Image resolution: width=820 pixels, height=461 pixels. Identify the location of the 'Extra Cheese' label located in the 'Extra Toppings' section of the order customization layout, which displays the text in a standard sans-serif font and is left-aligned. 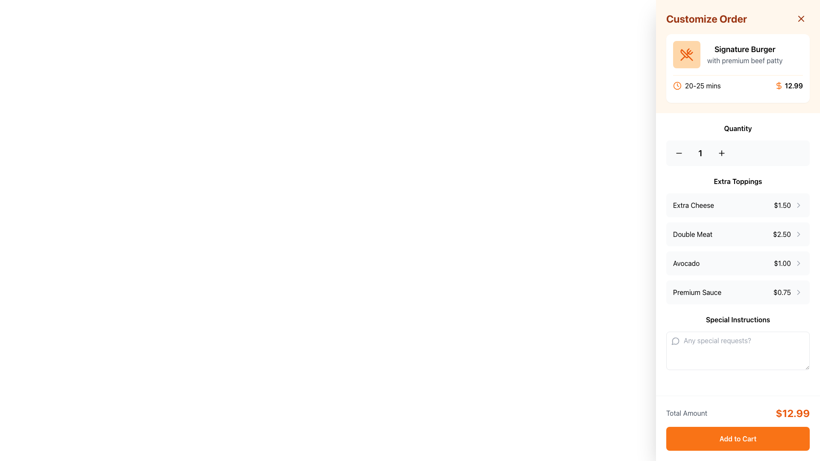
(694, 205).